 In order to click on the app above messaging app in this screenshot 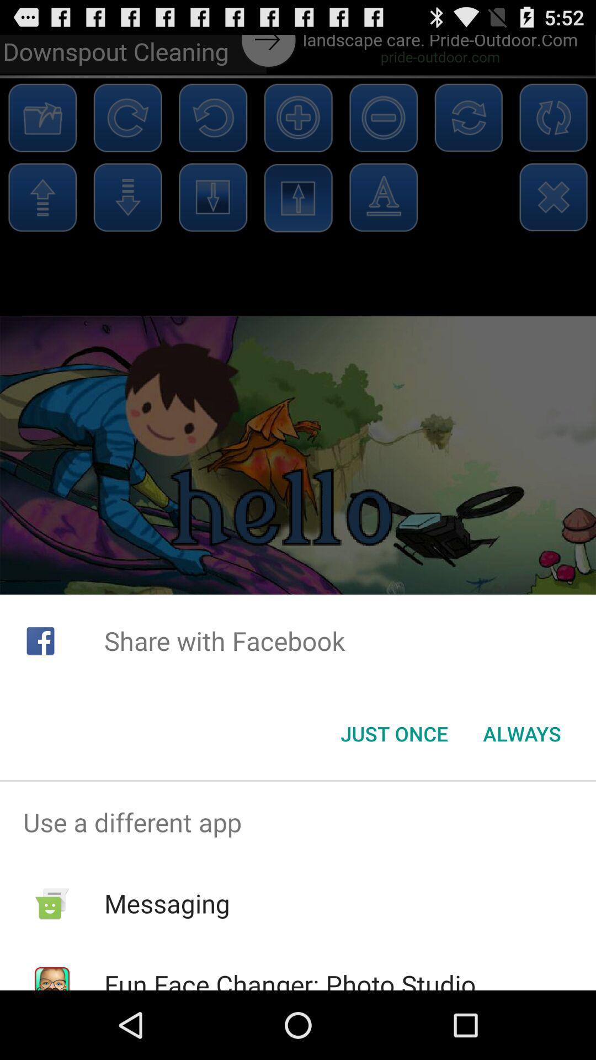, I will do `click(298, 822)`.